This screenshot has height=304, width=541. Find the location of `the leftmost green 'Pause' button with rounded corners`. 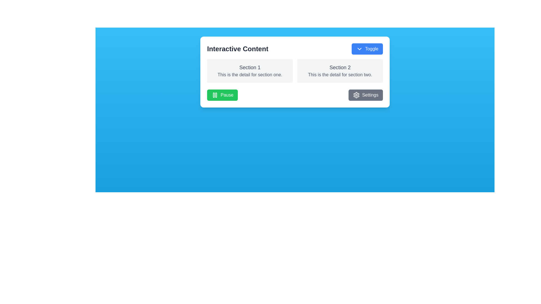

the leftmost green 'Pause' button with rounded corners is located at coordinates (222, 95).